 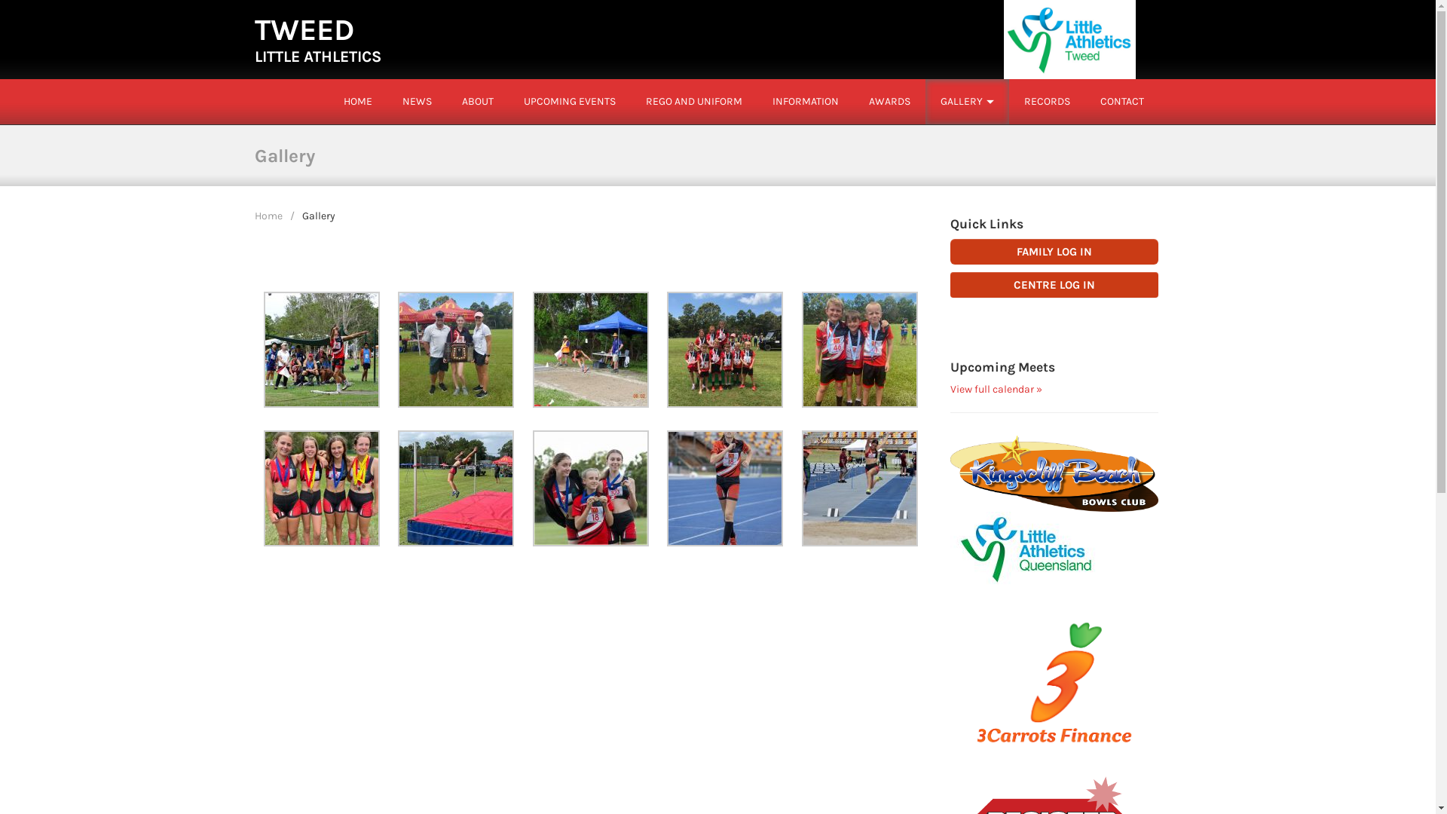 What do you see at coordinates (357, 101) in the screenshot?
I see `'HOME'` at bounding box center [357, 101].